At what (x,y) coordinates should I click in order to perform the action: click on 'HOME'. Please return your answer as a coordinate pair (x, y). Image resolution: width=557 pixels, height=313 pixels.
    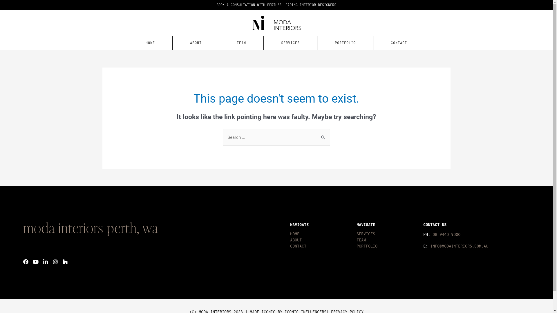
    Looking at the image, I should click on (320, 234).